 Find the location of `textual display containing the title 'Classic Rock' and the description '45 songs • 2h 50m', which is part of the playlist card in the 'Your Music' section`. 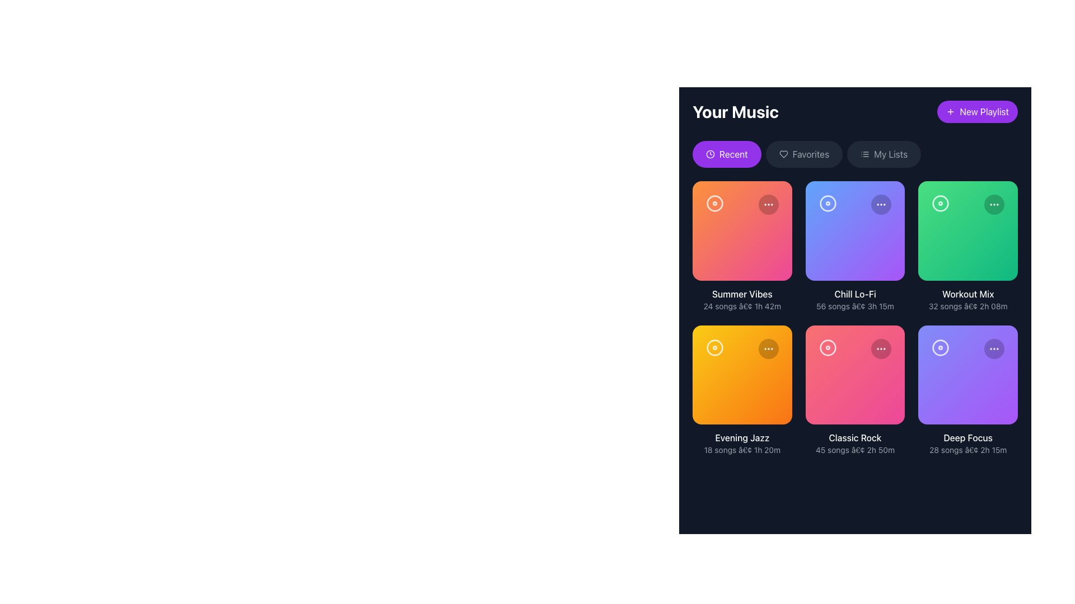

textual display containing the title 'Classic Rock' and the description '45 songs • 2h 50m', which is part of the playlist card in the 'Your Music' section is located at coordinates (854, 443).